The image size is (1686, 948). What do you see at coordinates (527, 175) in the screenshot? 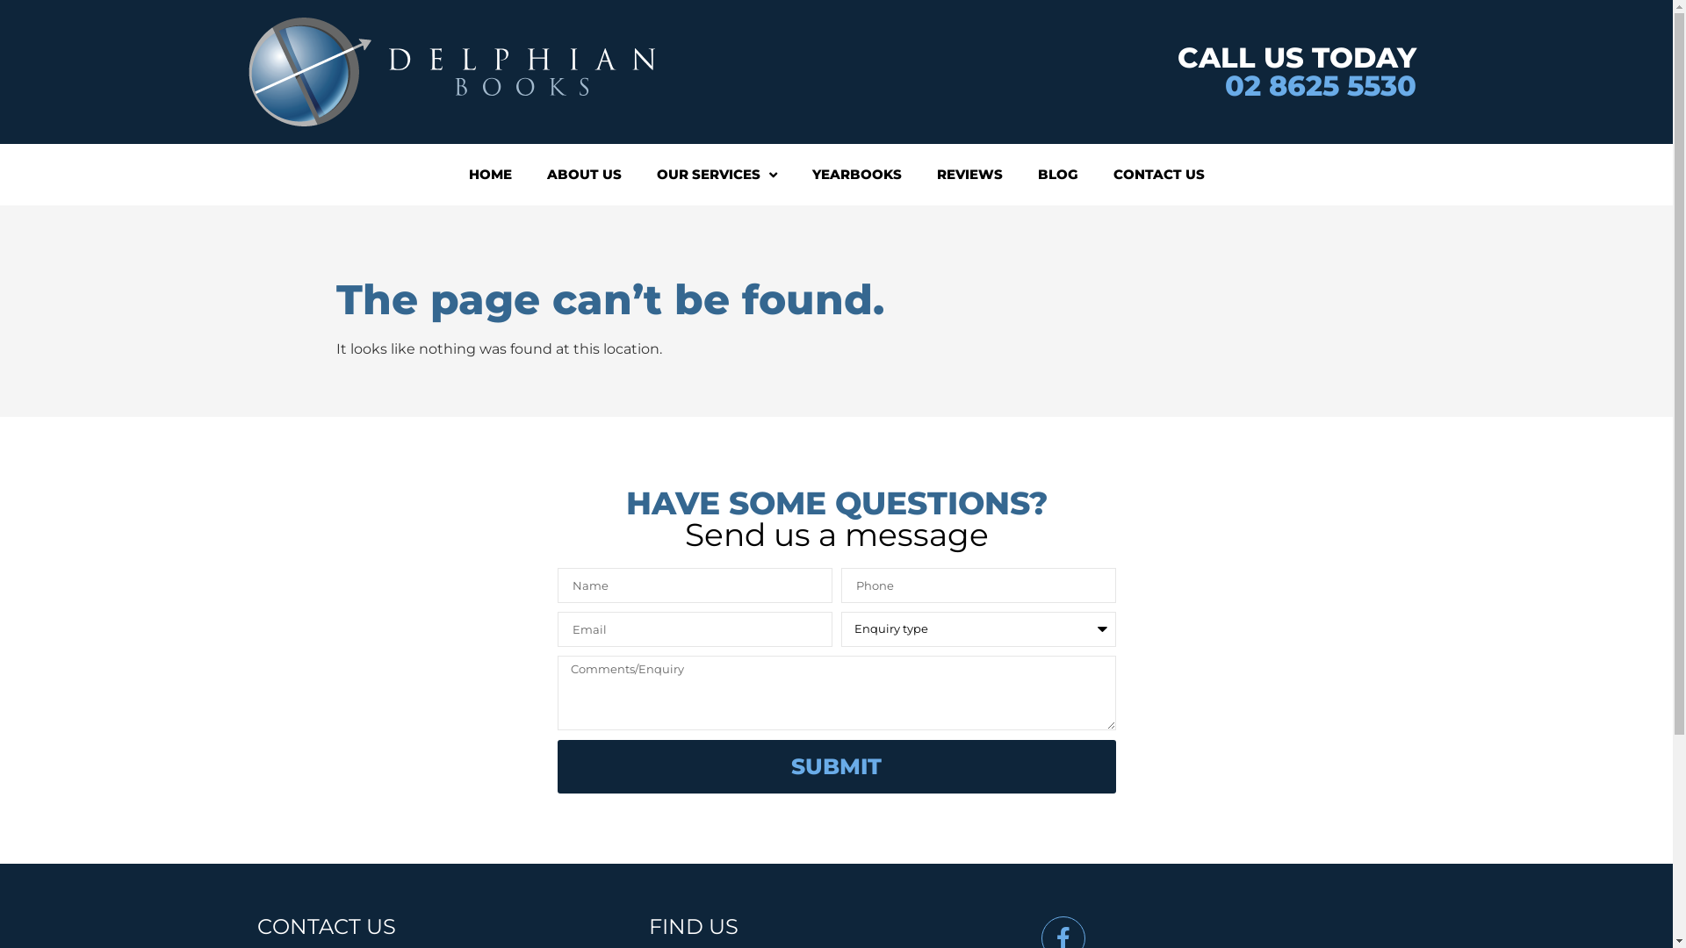
I see `'ABOUT US'` at bounding box center [527, 175].